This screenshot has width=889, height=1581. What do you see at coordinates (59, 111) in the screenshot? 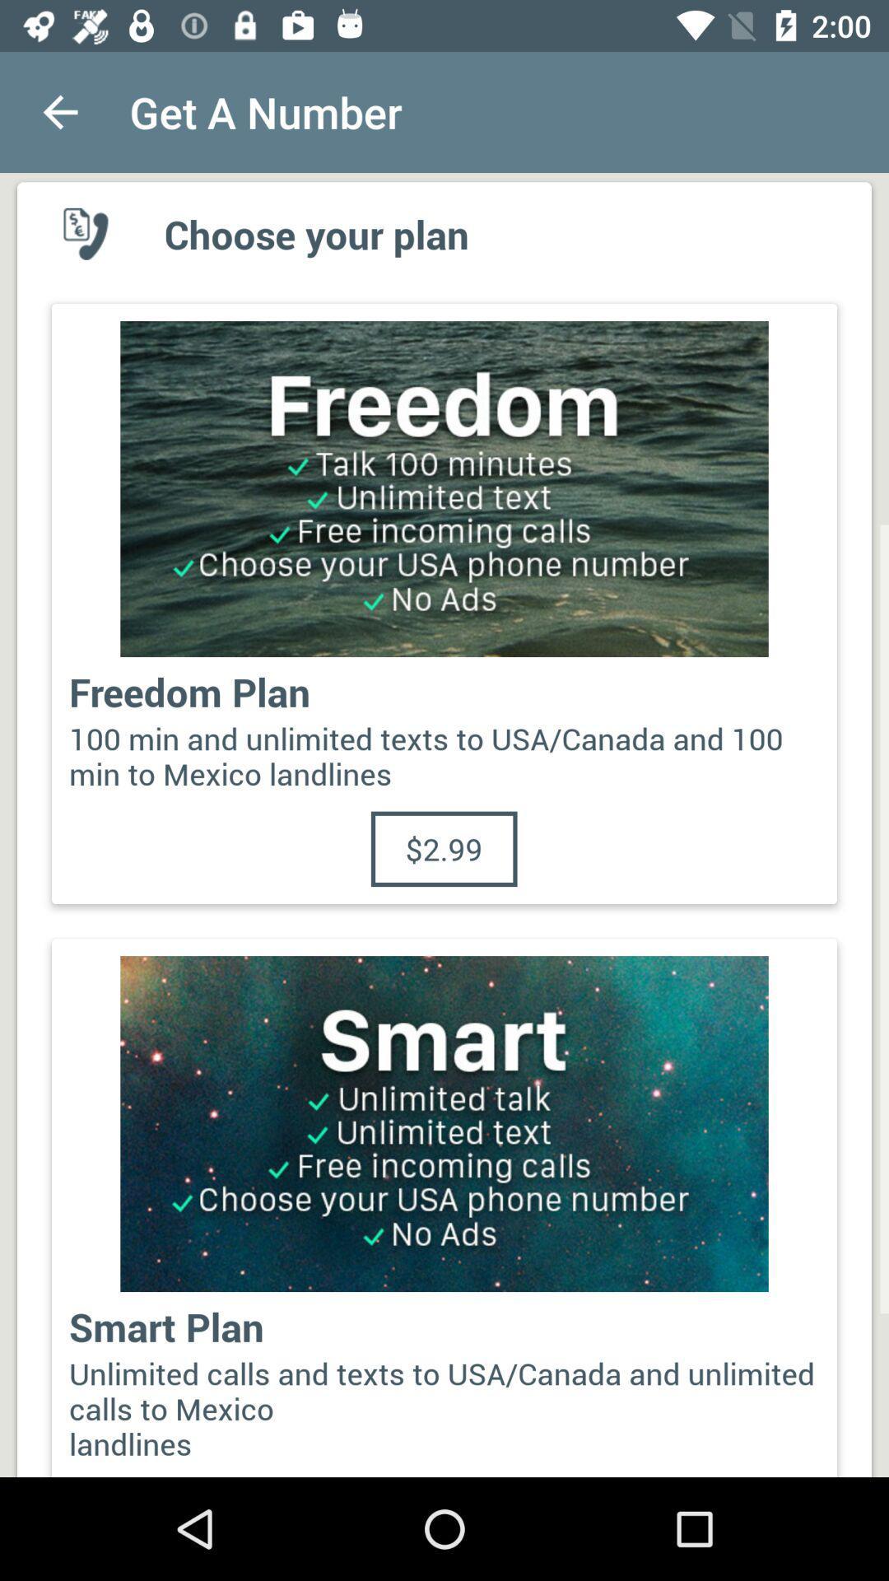
I see `the item next to the get a number` at bounding box center [59, 111].